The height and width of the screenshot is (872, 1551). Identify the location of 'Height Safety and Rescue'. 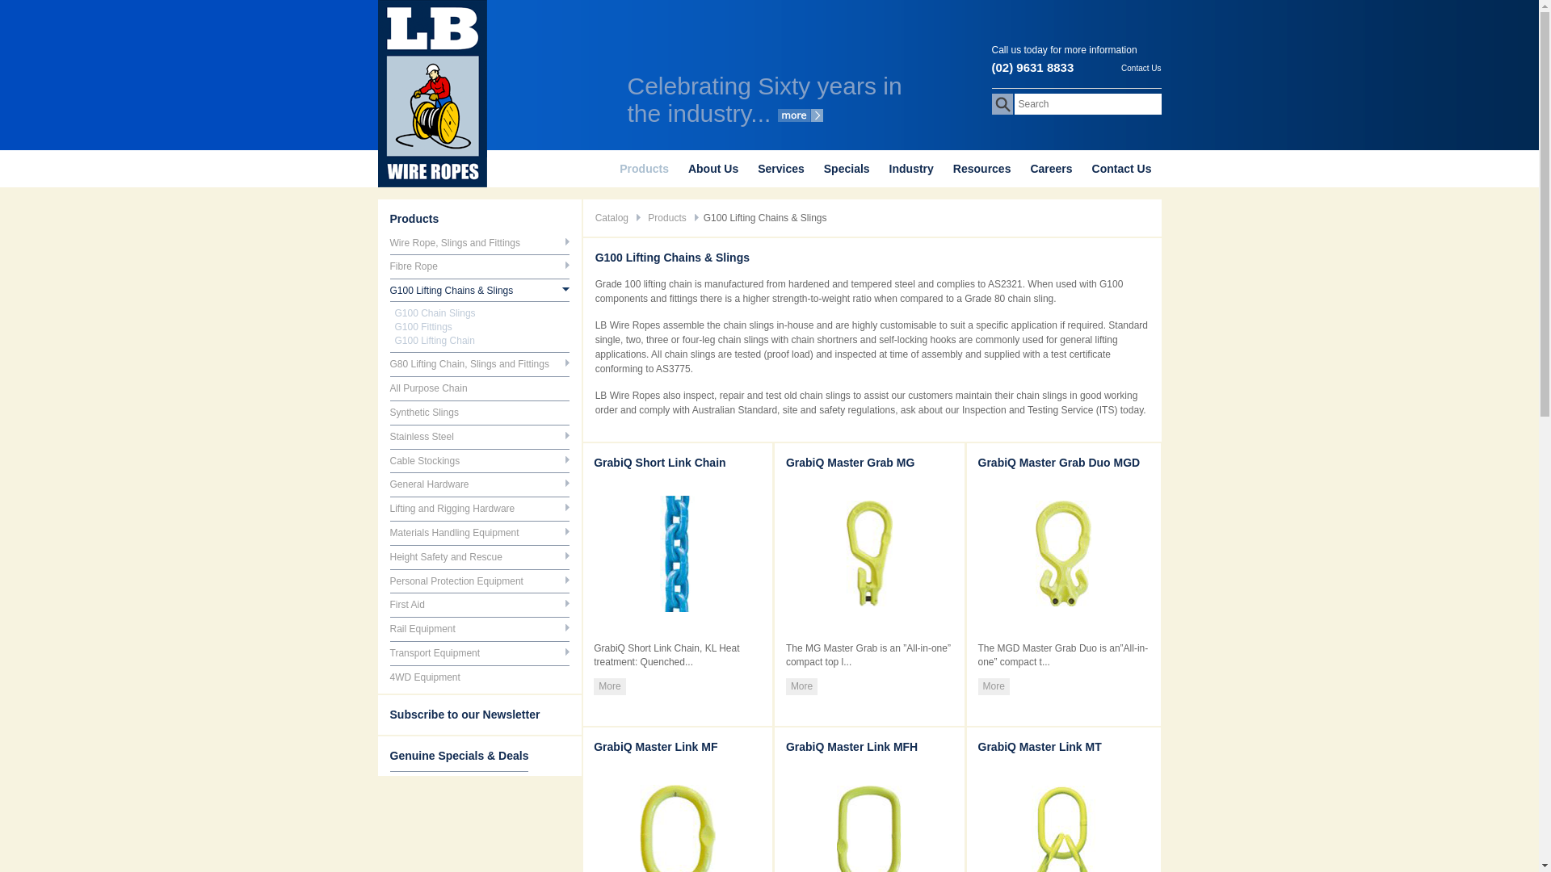
(445, 556).